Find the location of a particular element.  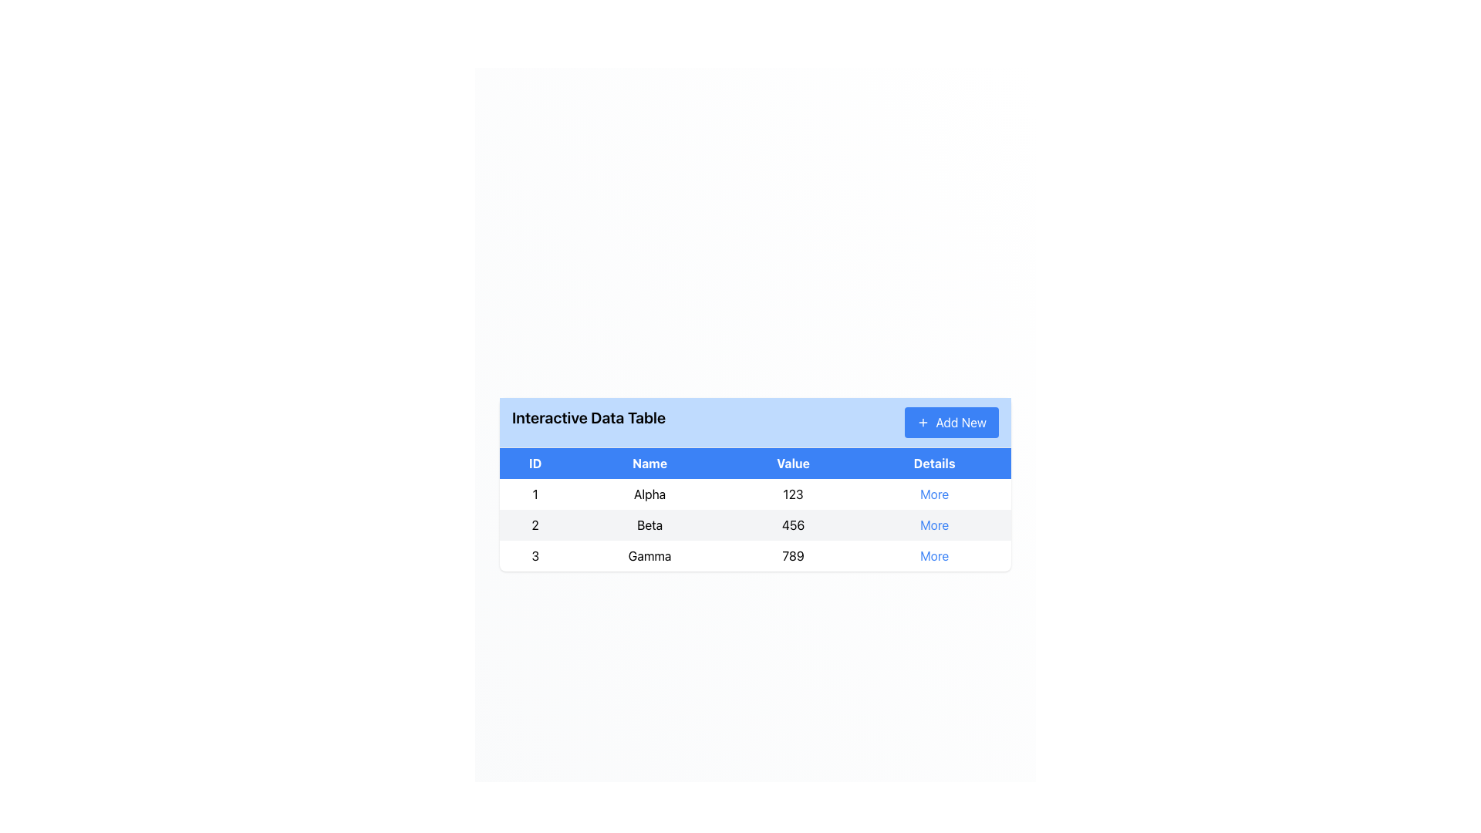

text displayed in the centered text component showing the number '2', located in the first column of the second row under the 'ID' header is located at coordinates (535, 524).